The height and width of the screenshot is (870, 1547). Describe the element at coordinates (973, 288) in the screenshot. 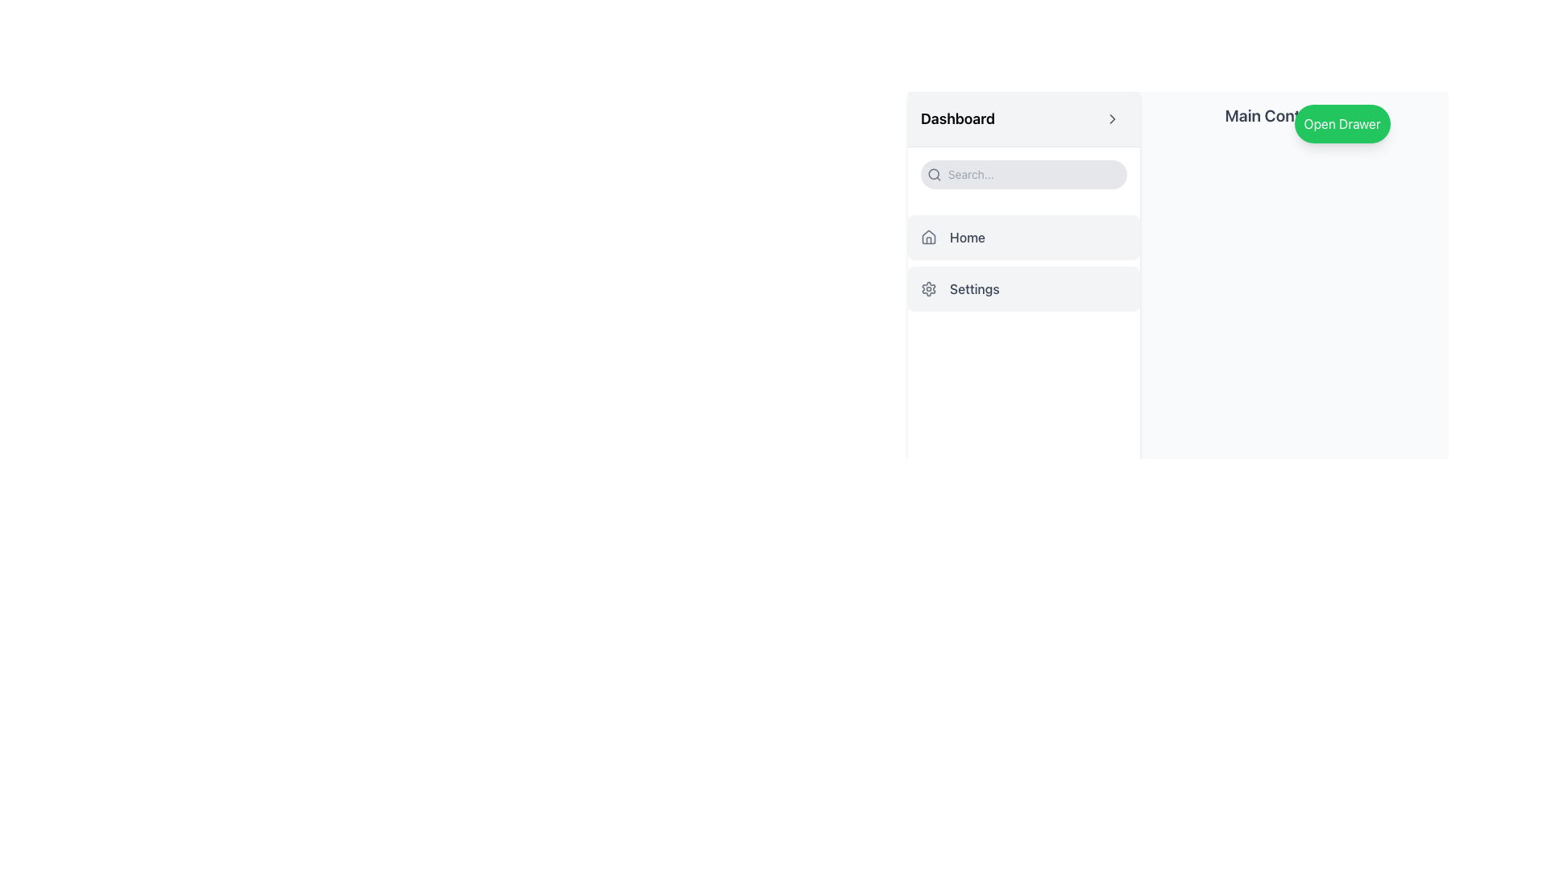

I see `the 'Settings' text label in the sidebar menu` at that location.